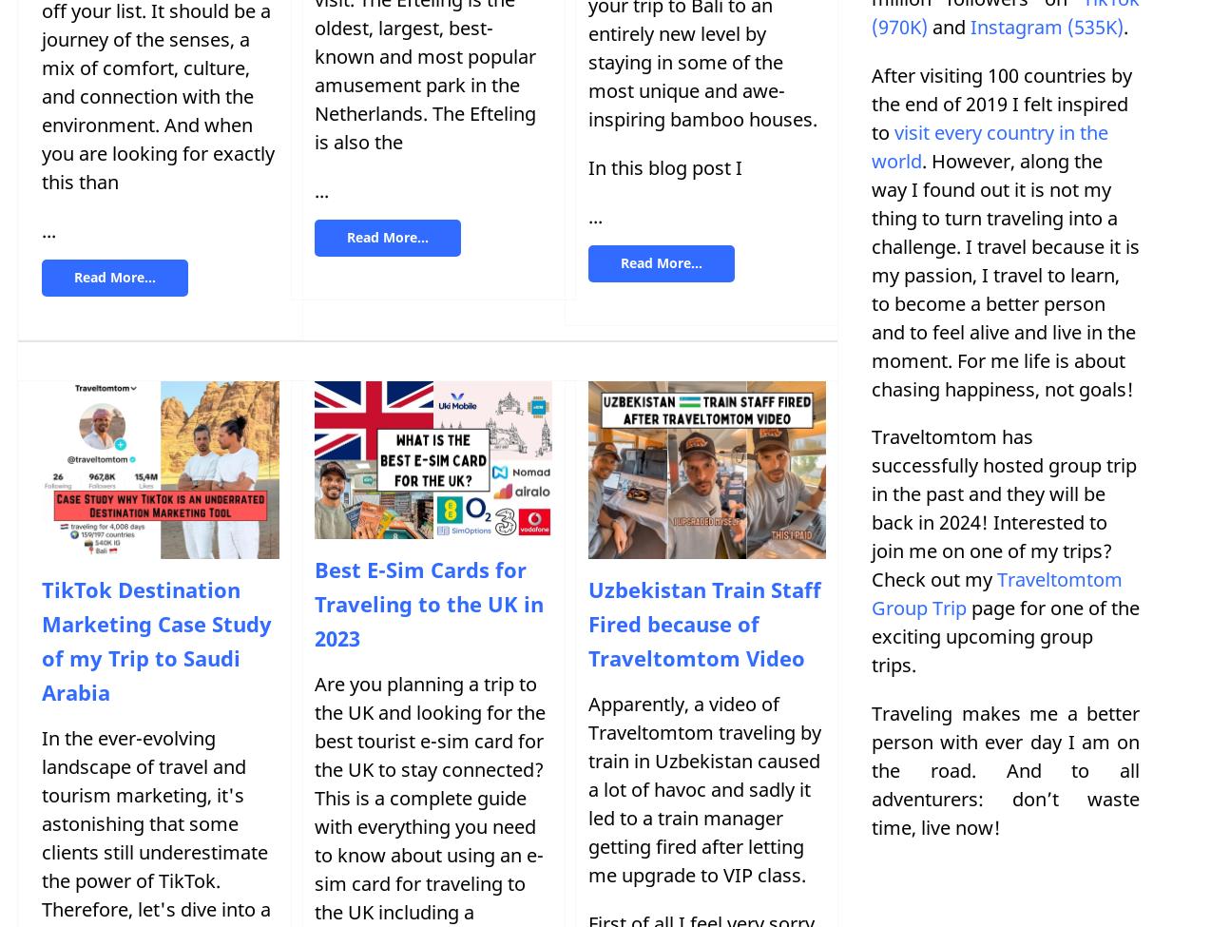  What do you see at coordinates (703, 624) in the screenshot?
I see `'Uzbekistan Train Staff Fired because of Traveltomtom Video'` at bounding box center [703, 624].